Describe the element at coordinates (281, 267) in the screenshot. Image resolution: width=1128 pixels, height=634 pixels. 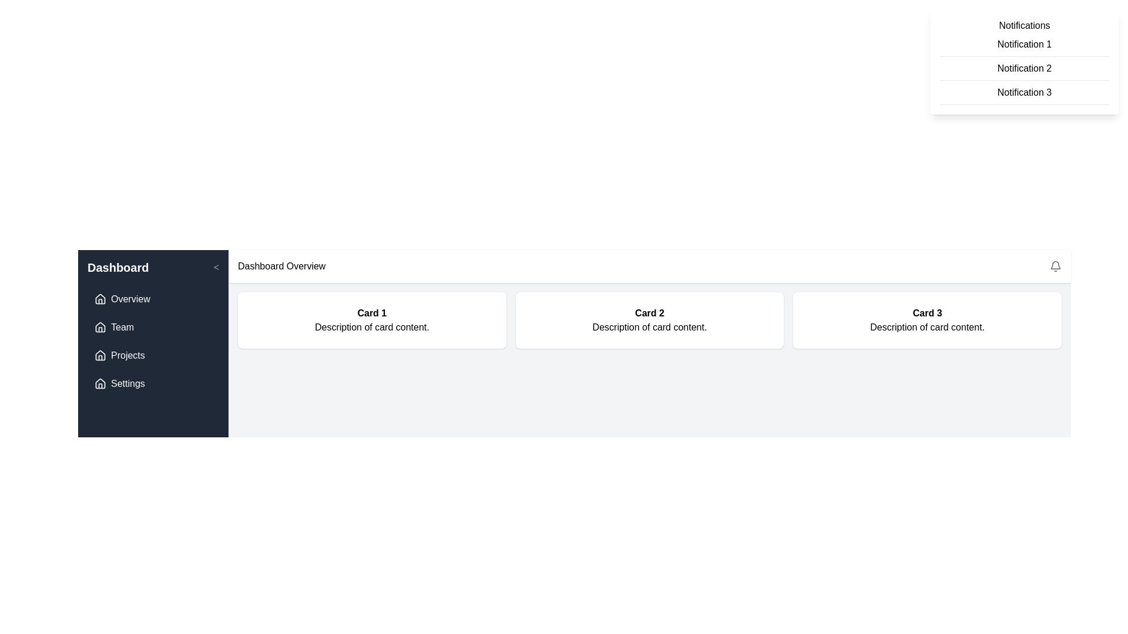
I see `the static text label in the header bar, which serves as the section title and is positioned on the left side of the header` at that location.